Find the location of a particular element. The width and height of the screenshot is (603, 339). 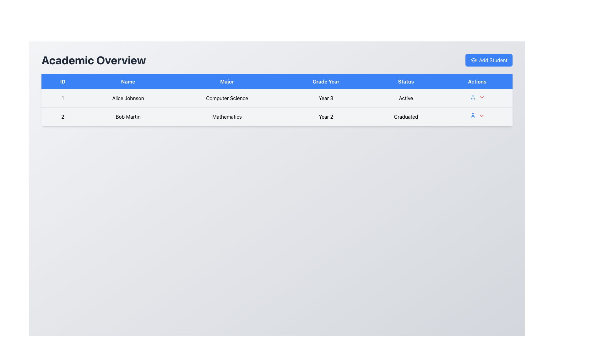

the static text label indicating the graduation status located in the fifth column of the second row under the 'Status' header is located at coordinates (406, 116).